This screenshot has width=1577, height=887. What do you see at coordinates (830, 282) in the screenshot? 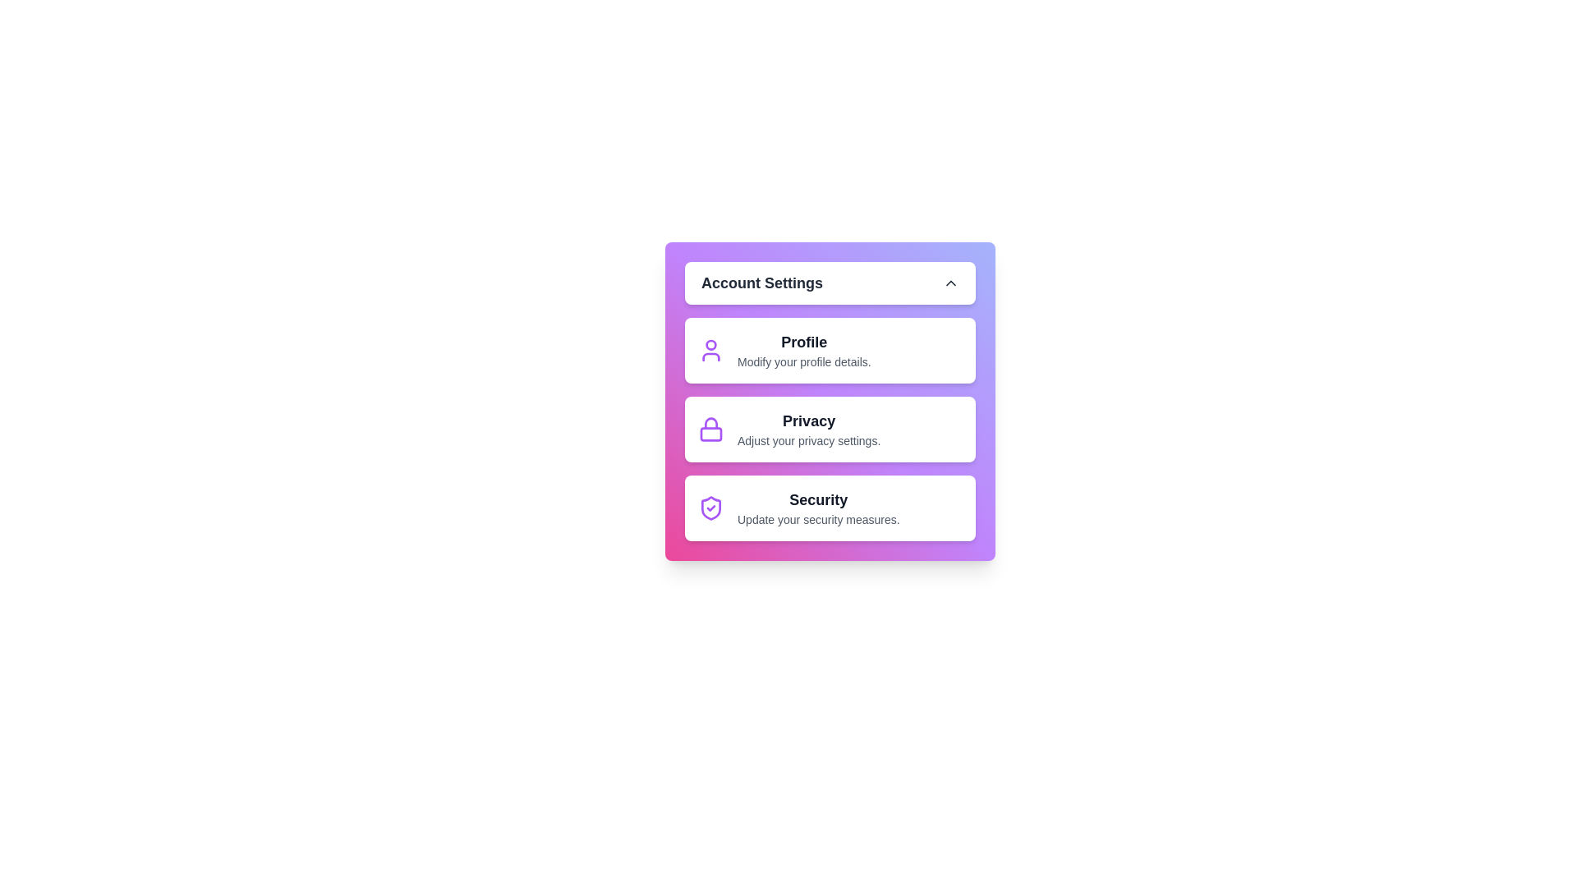
I see `the 'Account Settings' button to toggle the menu visibility` at bounding box center [830, 282].